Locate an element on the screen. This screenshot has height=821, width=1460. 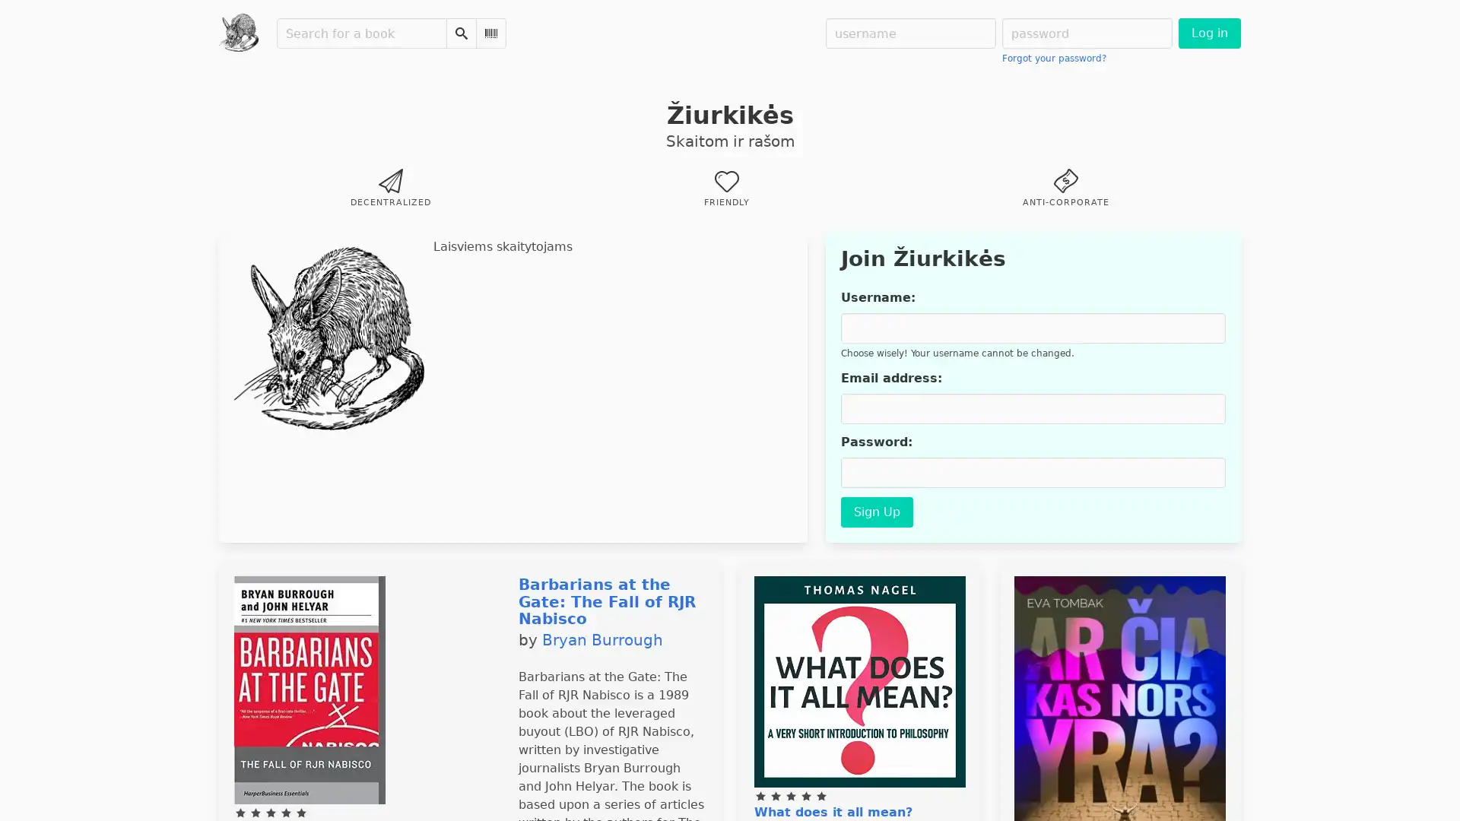
Sign Up is located at coordinates (876, 512).